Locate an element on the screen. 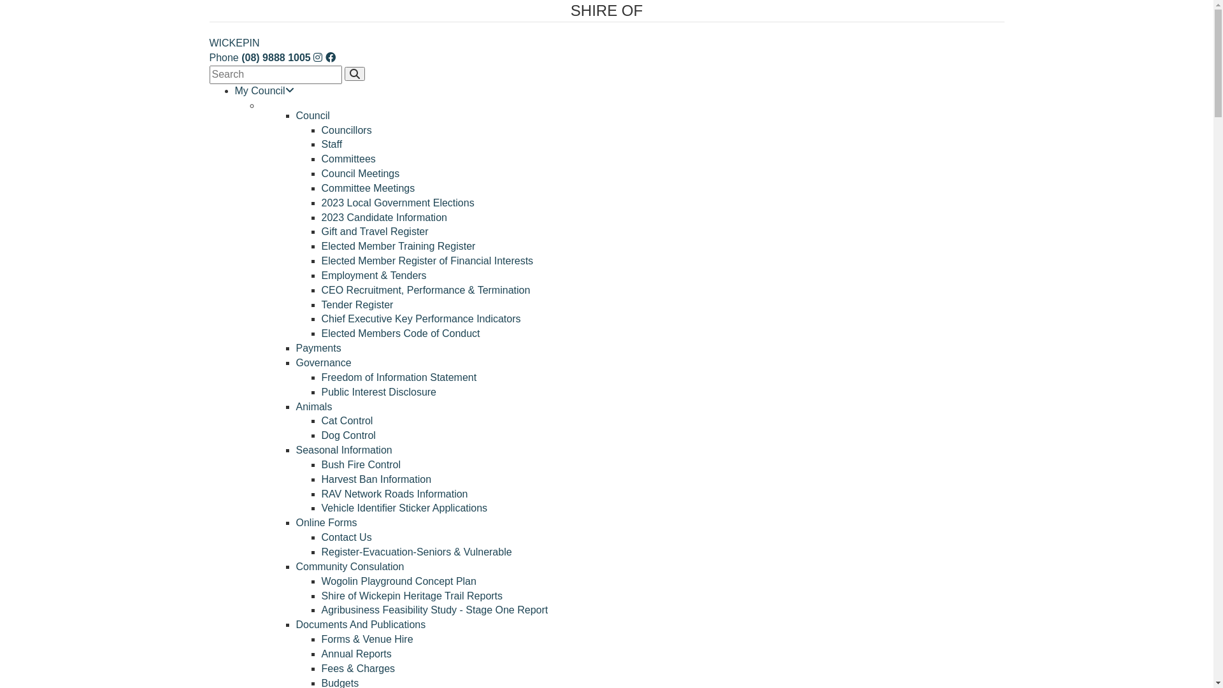  'Governance' is located at coordinates (323, 362).